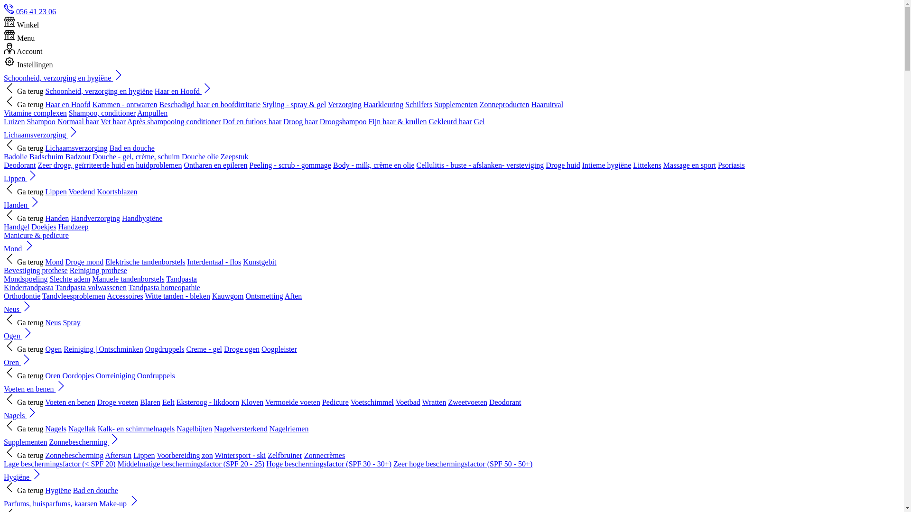  Describe the element at coordinates (46, 156) in the screenshot. I see `'Badschuim'` at that location.